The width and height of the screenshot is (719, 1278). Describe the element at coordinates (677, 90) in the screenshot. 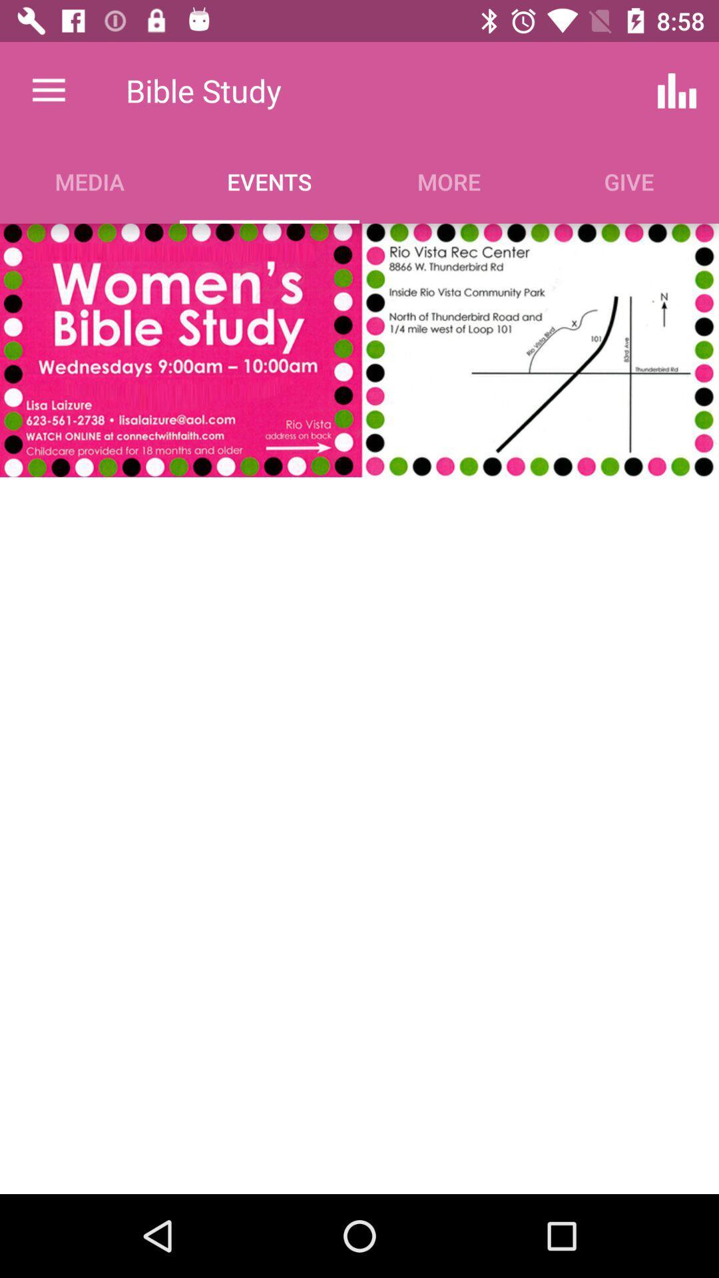

I see `item above the give` at that location.